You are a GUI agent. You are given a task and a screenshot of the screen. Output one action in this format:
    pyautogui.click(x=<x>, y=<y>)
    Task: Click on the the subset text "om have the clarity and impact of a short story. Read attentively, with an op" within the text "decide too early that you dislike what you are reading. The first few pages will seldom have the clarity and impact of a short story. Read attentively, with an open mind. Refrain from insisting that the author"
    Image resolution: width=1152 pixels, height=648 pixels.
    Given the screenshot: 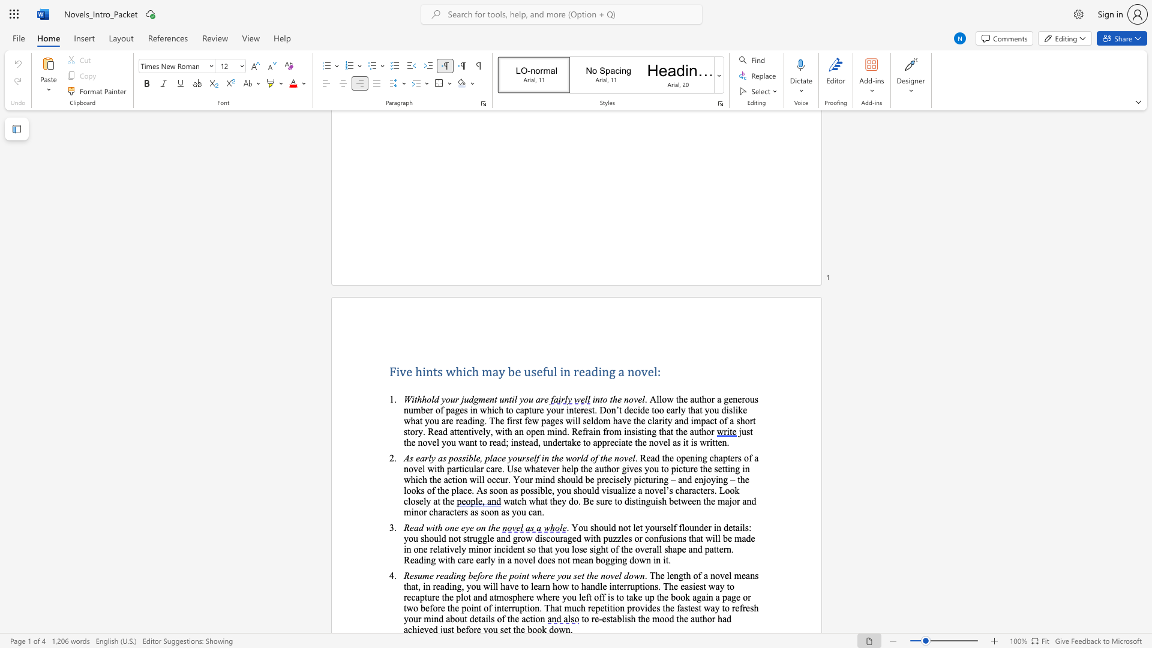 What is the action you would take?
    pyautogui.click(x=598, y=420)
    